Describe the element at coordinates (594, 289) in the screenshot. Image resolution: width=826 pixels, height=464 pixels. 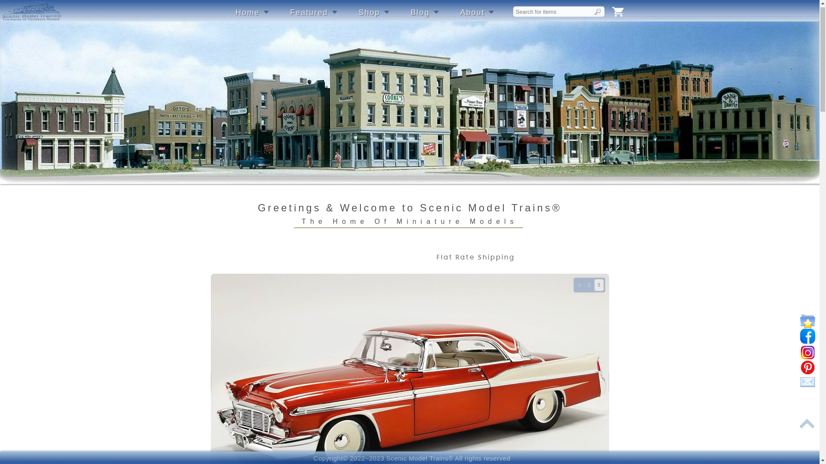
I see `'3'` at that location.